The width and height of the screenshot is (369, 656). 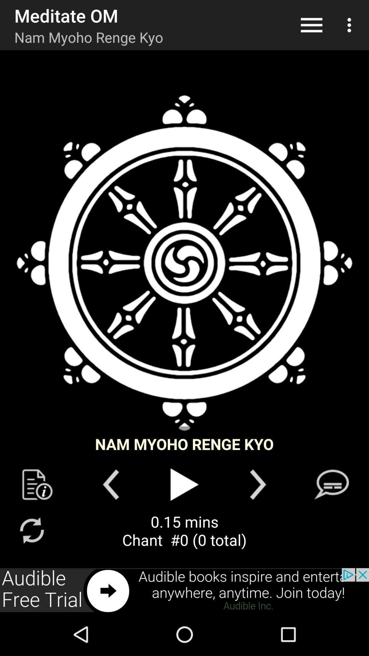 What do you see at coordinates (37, 484) in the screenshot?
I see `setting page` at bounding box center [37, 484].